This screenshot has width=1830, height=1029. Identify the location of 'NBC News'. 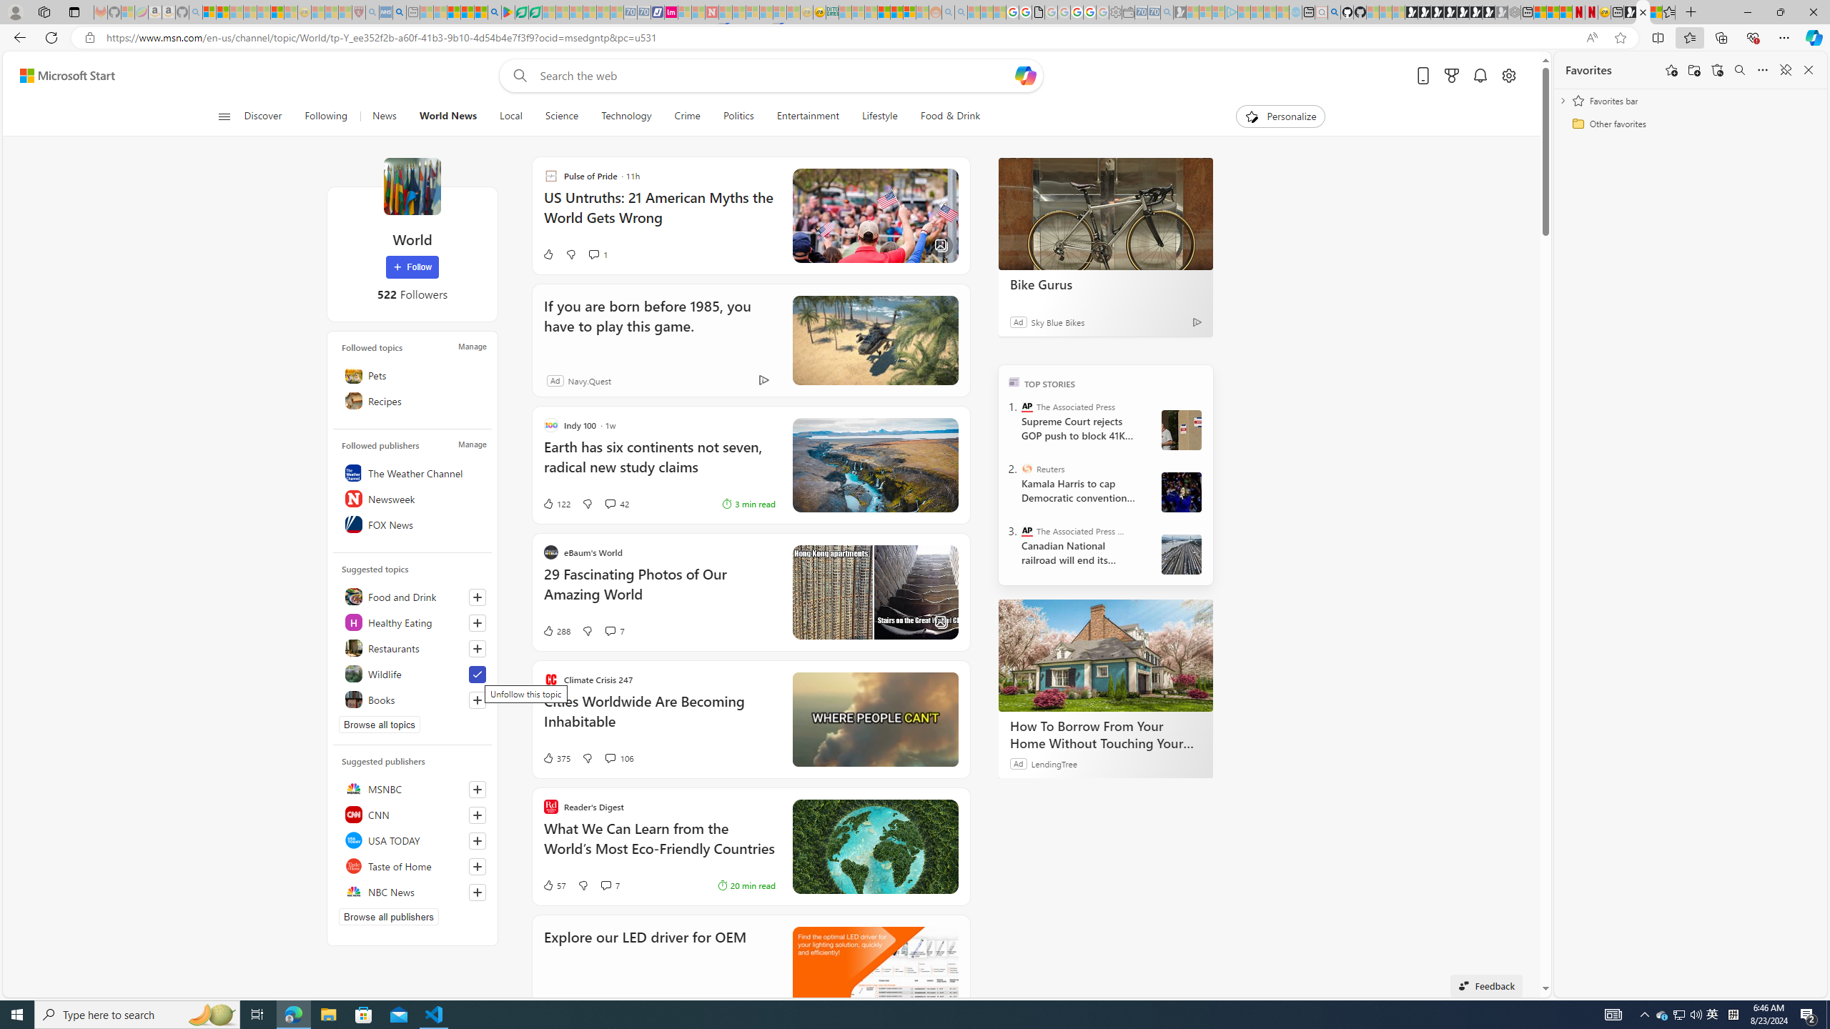
(411, 890).